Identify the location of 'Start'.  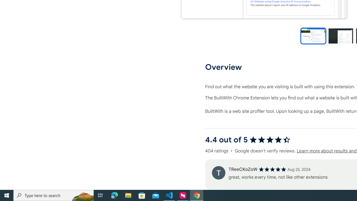
(7, 195).